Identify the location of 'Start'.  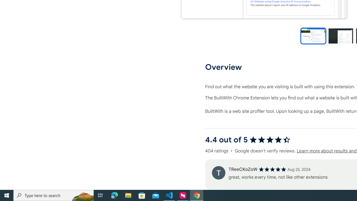
(7, 195).